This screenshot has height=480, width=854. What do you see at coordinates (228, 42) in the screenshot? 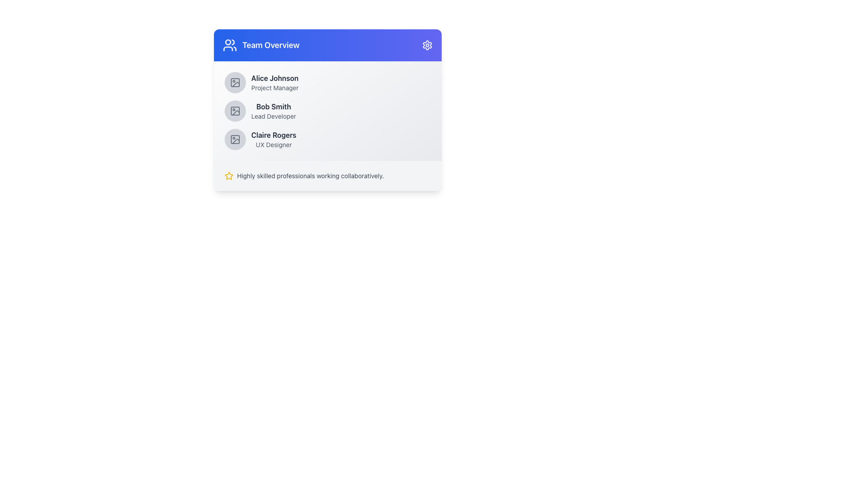
I see `the decorative circular shape located in the upper left corner of the blue header section labeled 'Team Overview'` at bounding box center [228, 42].